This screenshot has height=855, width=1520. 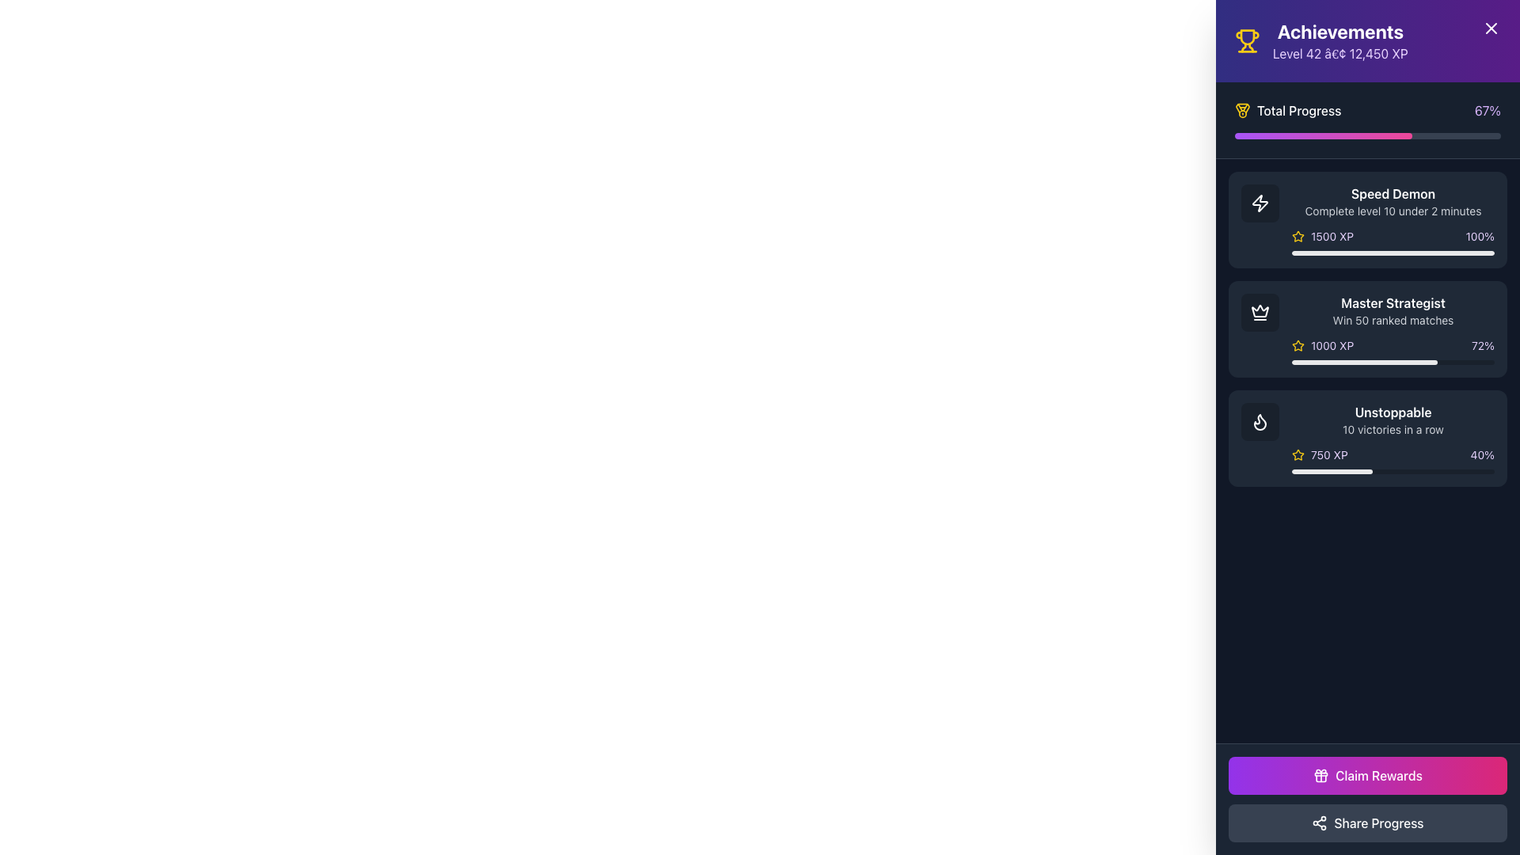 What do you see at coordinates (1393, 439) in the screenshot?
I see `the Achievement card titled 'Unstoppable', which displays '10 victories in a row', '750 XP', and '40%' along with a progress bar` at bounding box center [1393, 439].